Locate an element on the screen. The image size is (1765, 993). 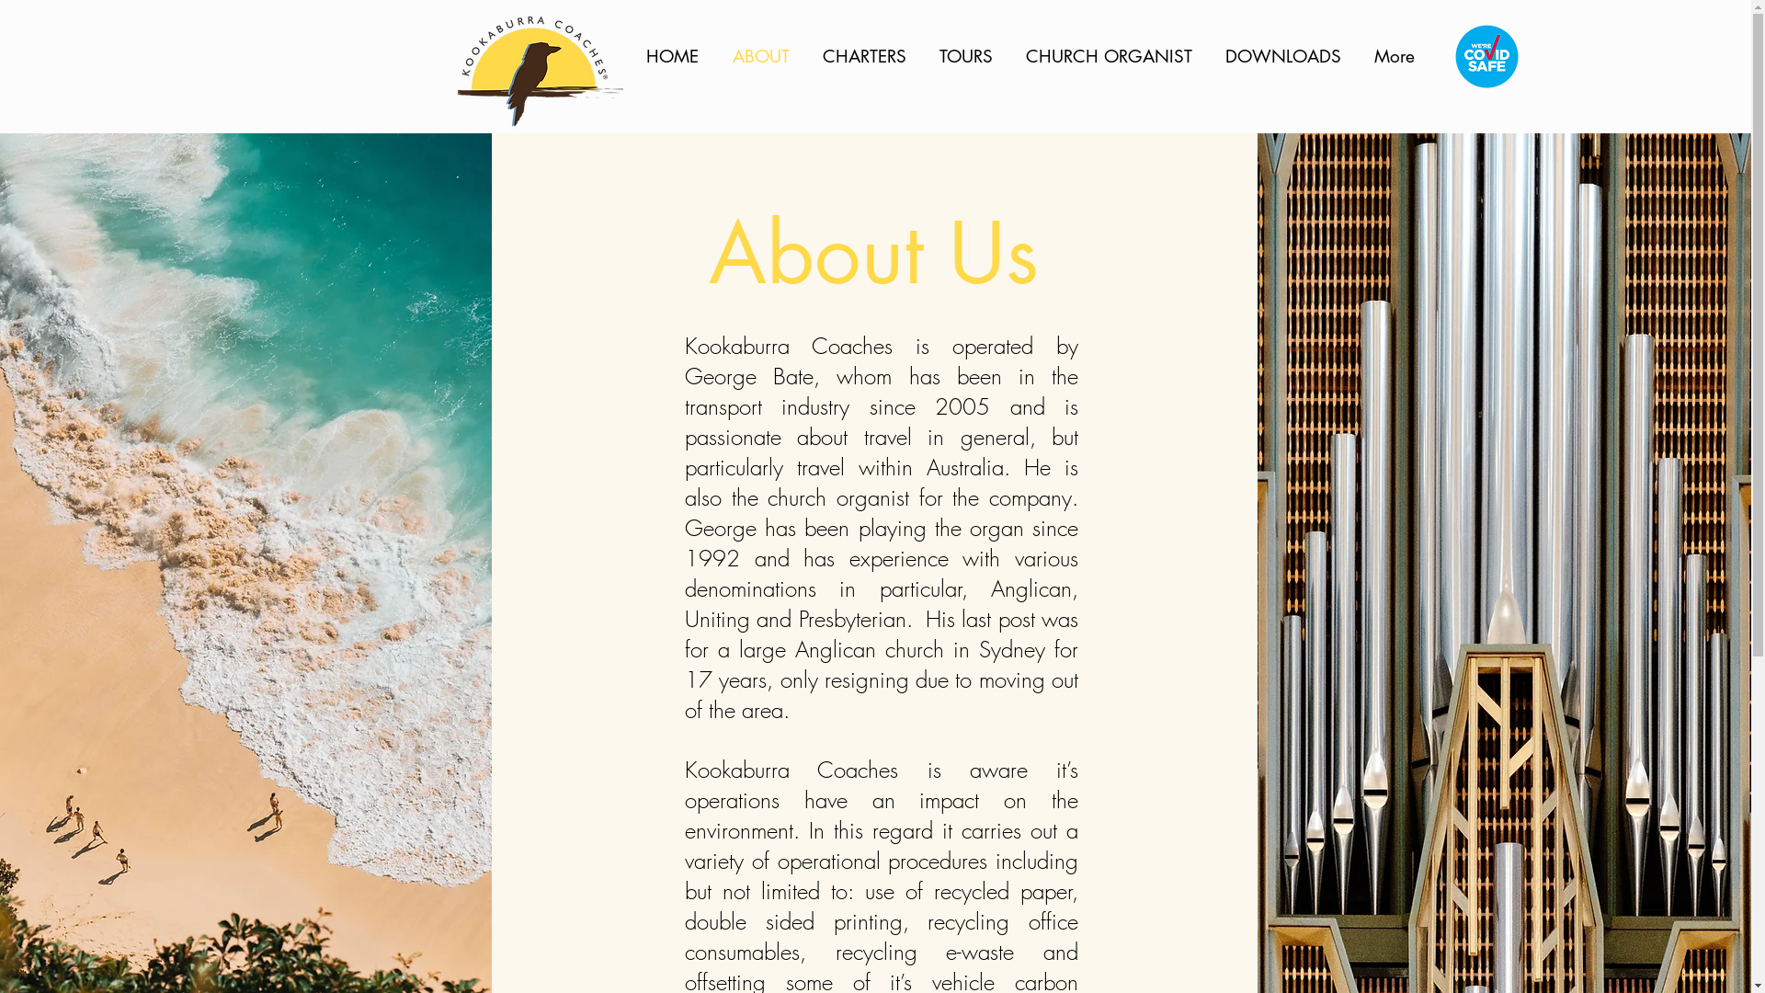
'ABOUT' is located at coordinates (763, 55).